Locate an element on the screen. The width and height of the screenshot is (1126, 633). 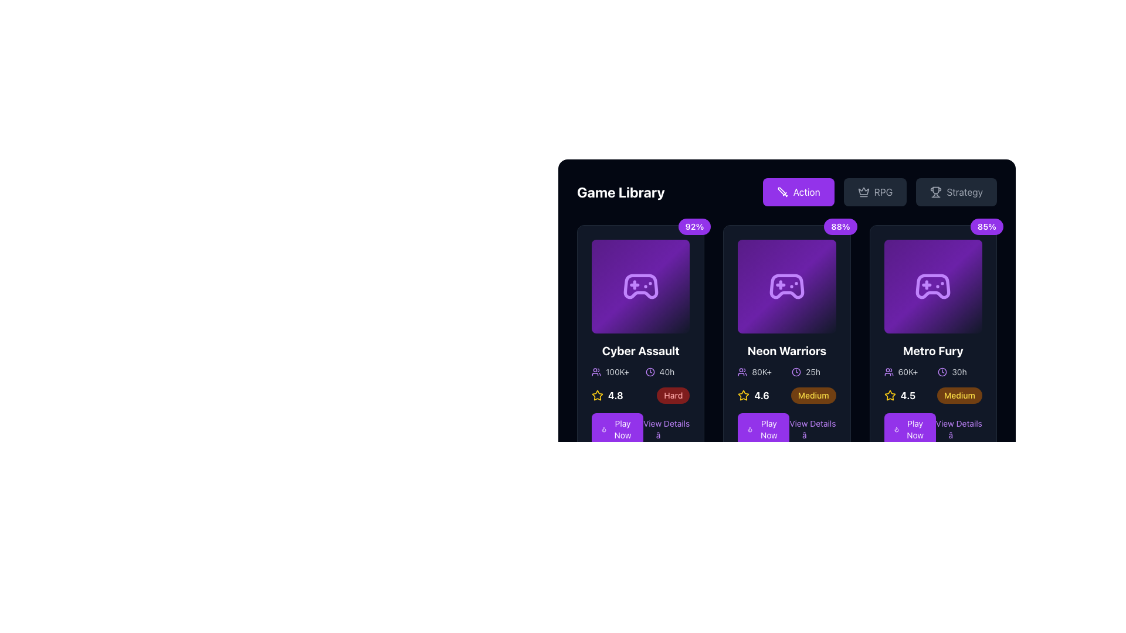
text content of the header Text Label indicating the section of the user interface associated with the library of games, located at the upper left of the interface is located at coordinates (620, 191).